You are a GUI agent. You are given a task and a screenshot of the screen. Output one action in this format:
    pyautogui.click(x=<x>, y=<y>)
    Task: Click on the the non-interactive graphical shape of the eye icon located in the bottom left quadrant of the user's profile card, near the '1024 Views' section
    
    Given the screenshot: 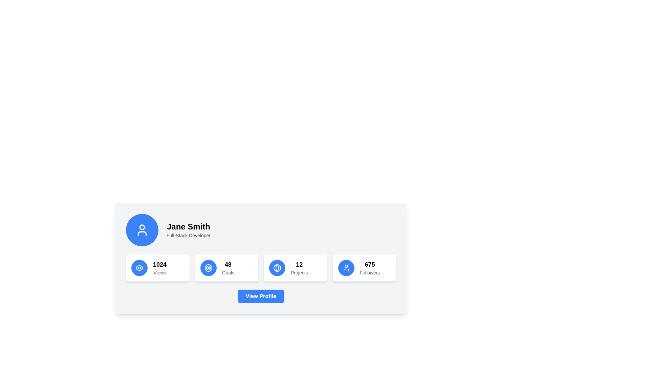 What is the action you would take?
    pyautogui.click(x=139, y=268)
    